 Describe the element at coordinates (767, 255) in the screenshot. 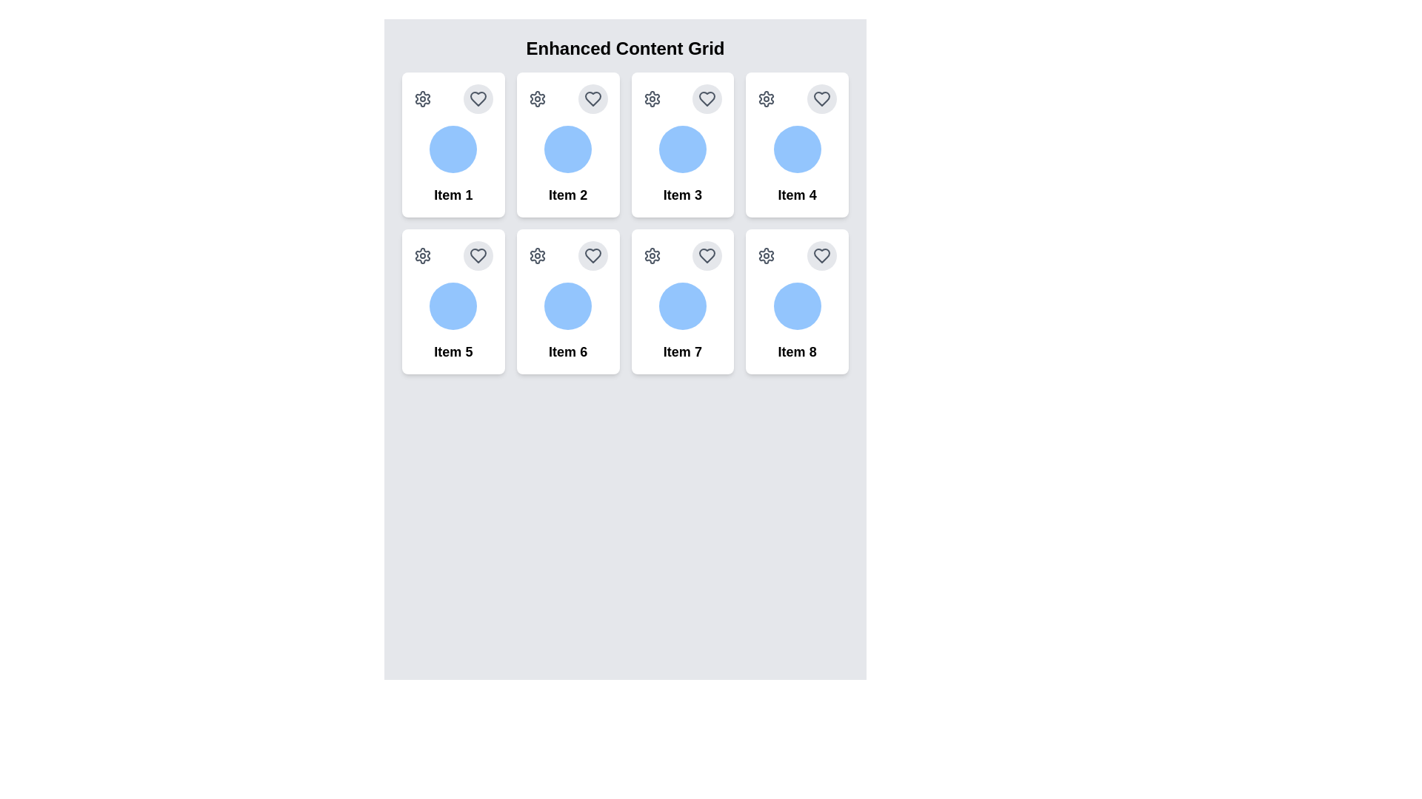

I see `the cogwheel icon styled in a gray, non-filled stroke design located on the top-left corner of the tile labeled 'Item 8'` at that location.